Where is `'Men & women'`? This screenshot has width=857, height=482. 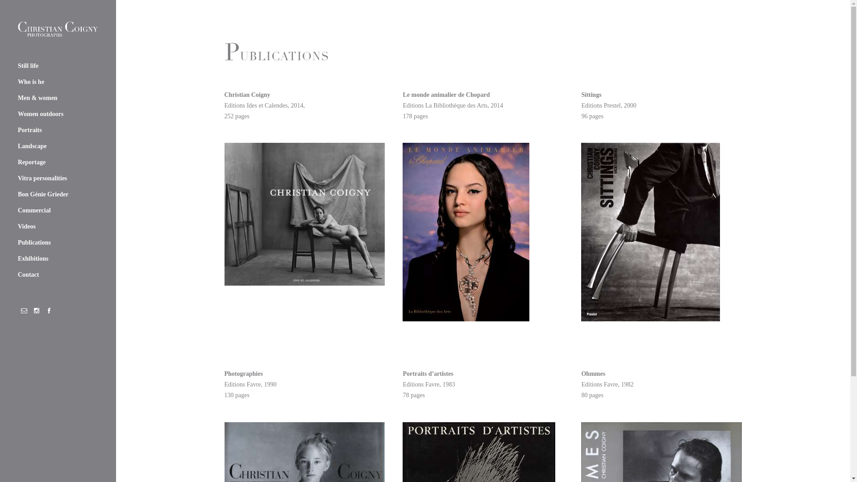 'Men & women' is located at coordinates (57, 98).